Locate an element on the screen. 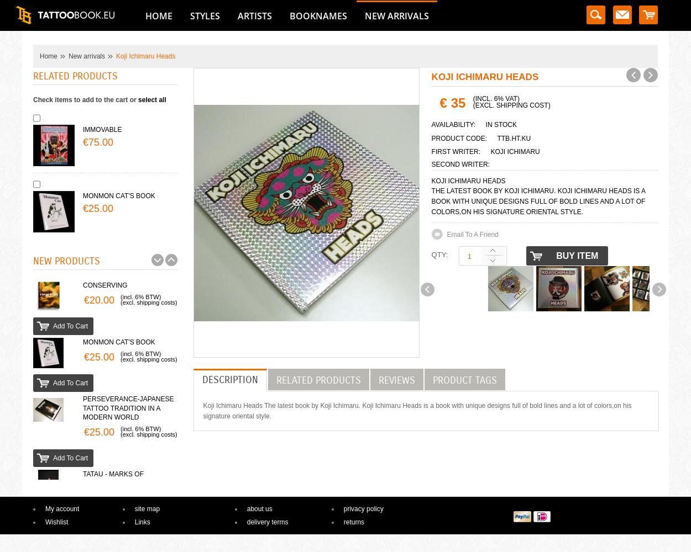 This screenshot has height=552, width=691. 'Availability:' is located at coordinates (431, 124).